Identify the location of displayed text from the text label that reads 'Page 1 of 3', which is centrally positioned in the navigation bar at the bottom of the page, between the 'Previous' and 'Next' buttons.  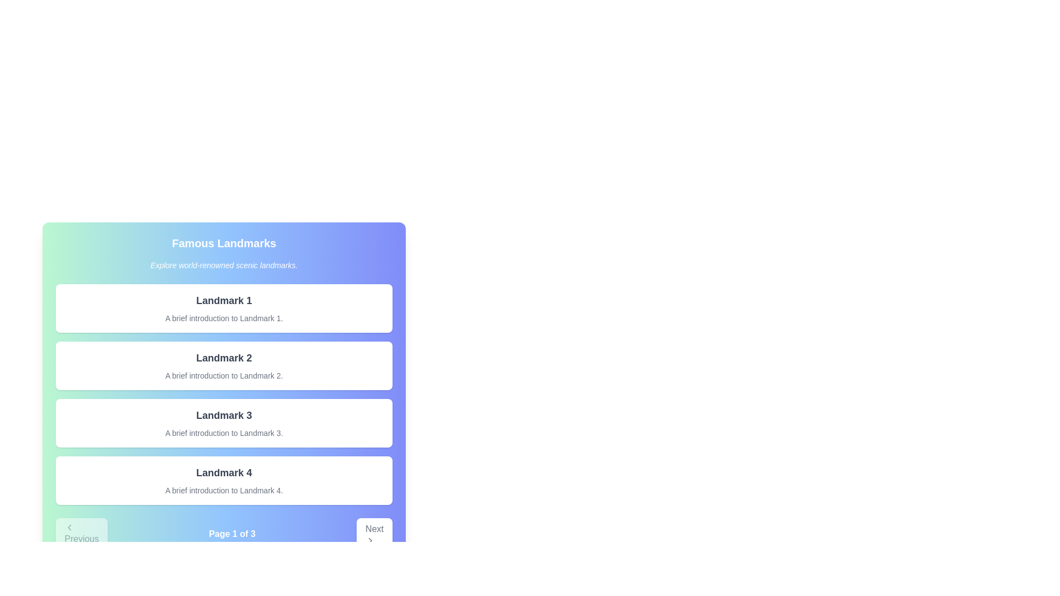
(231, 534).